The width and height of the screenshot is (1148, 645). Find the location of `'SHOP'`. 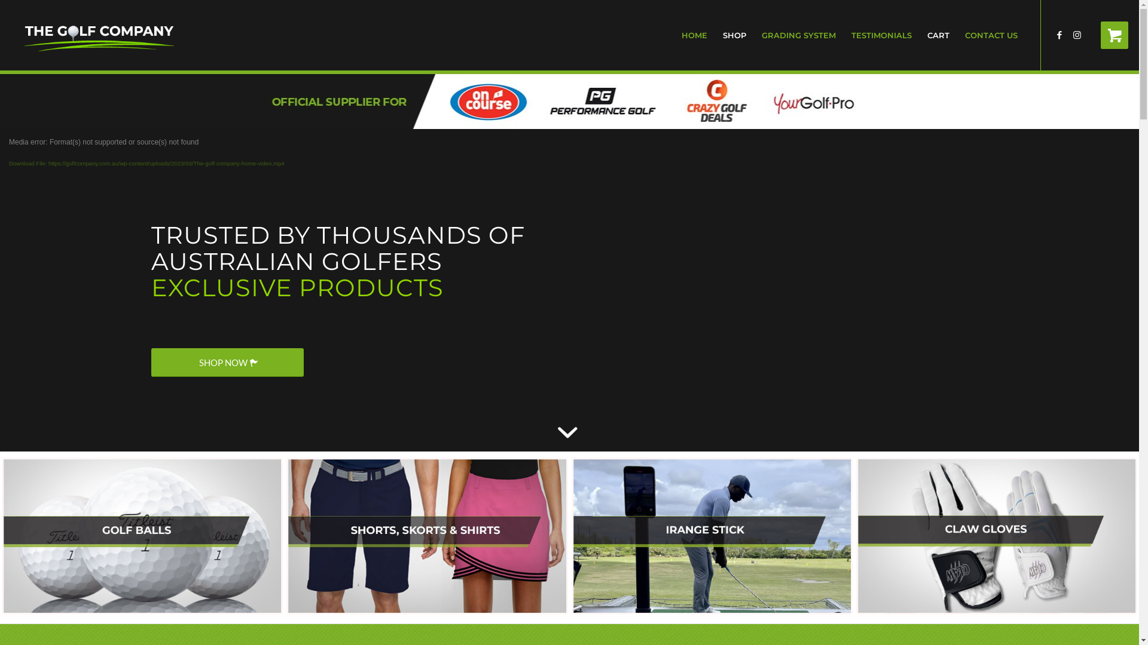

'SHOP' is located at coordinates (734, 34).